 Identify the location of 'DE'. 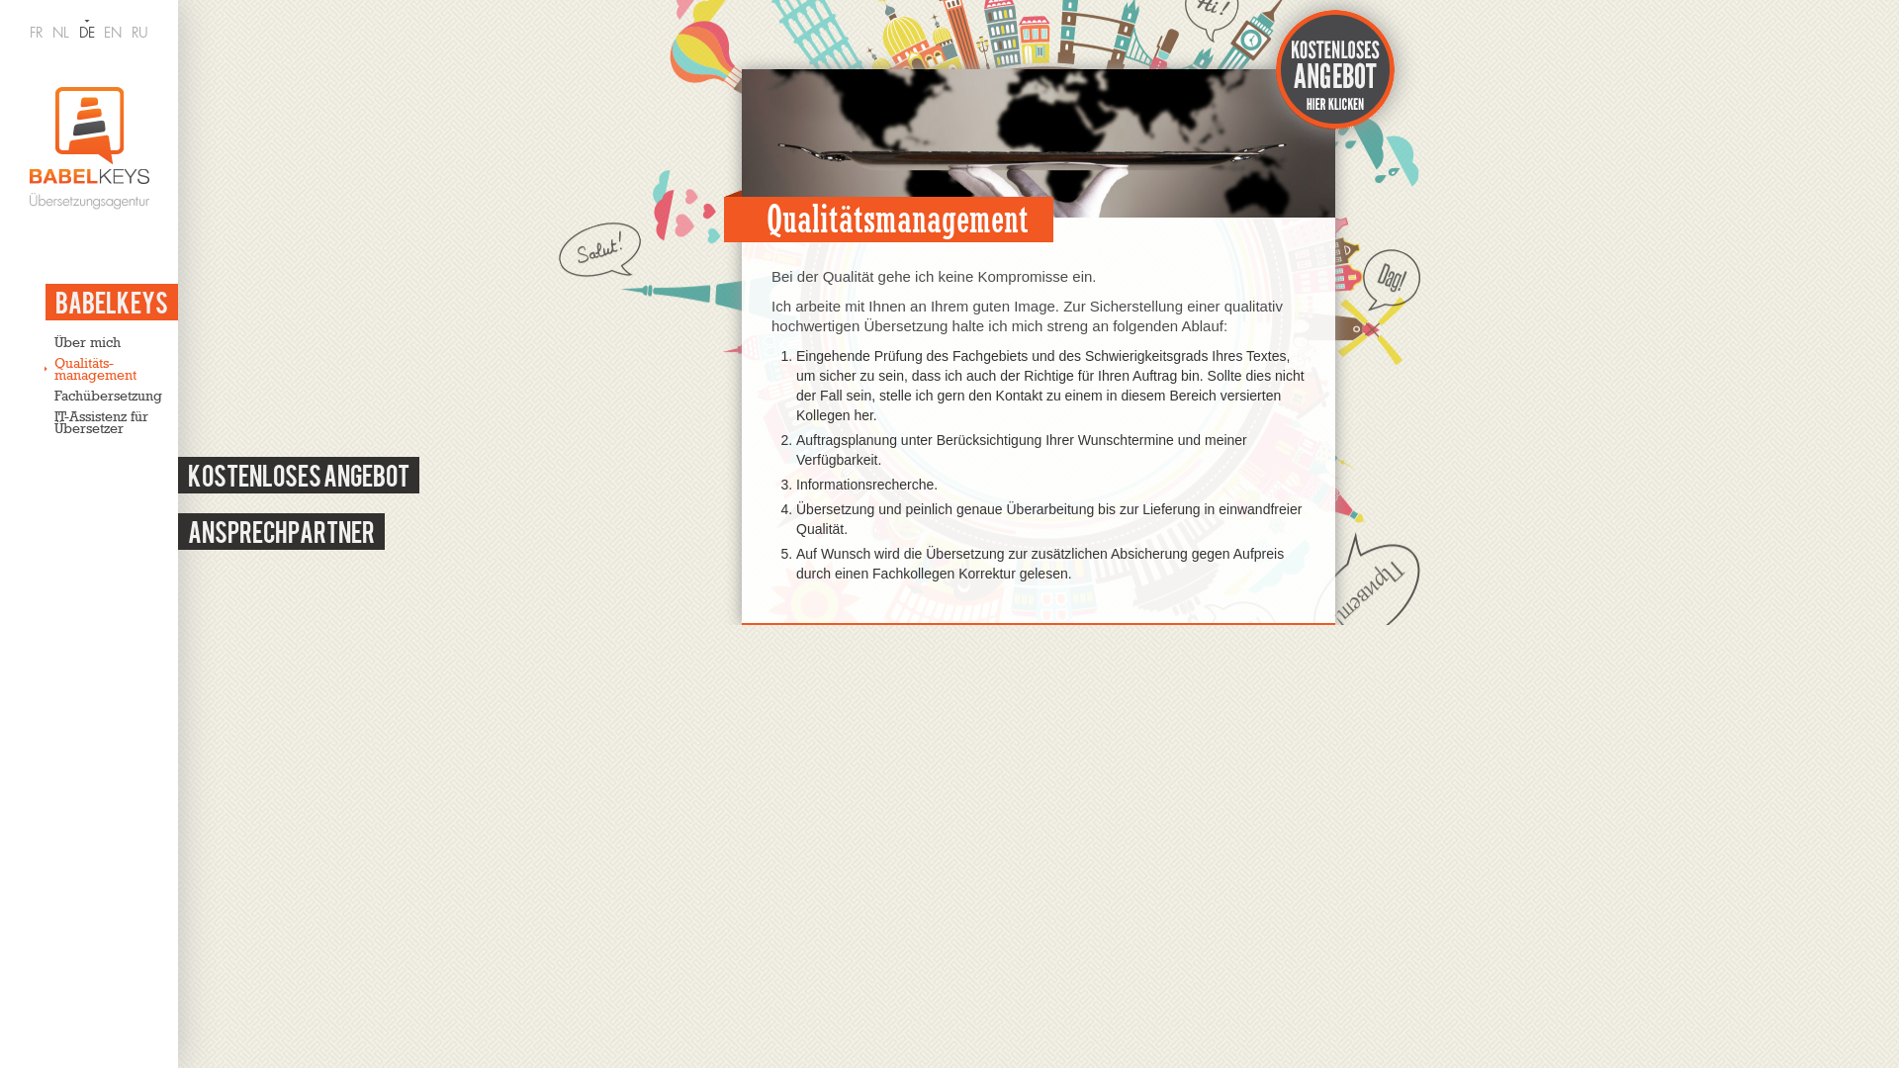
(85, 33).